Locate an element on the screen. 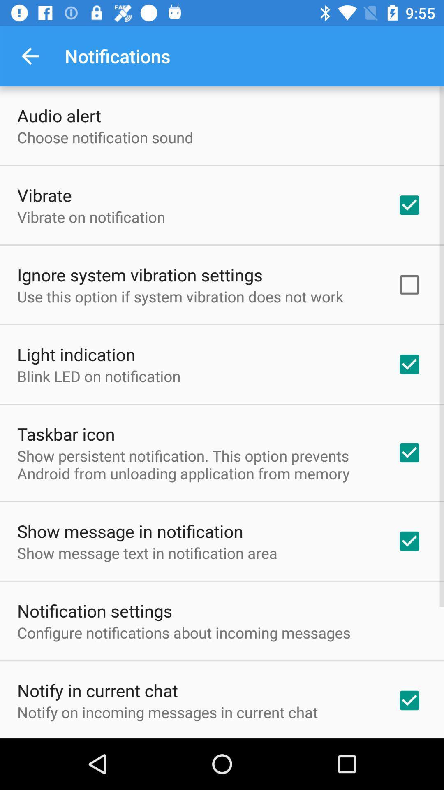 The height and width of the screenshot is (790, 444). icon above the configure notifications about item is located at coordinates (94, 611).